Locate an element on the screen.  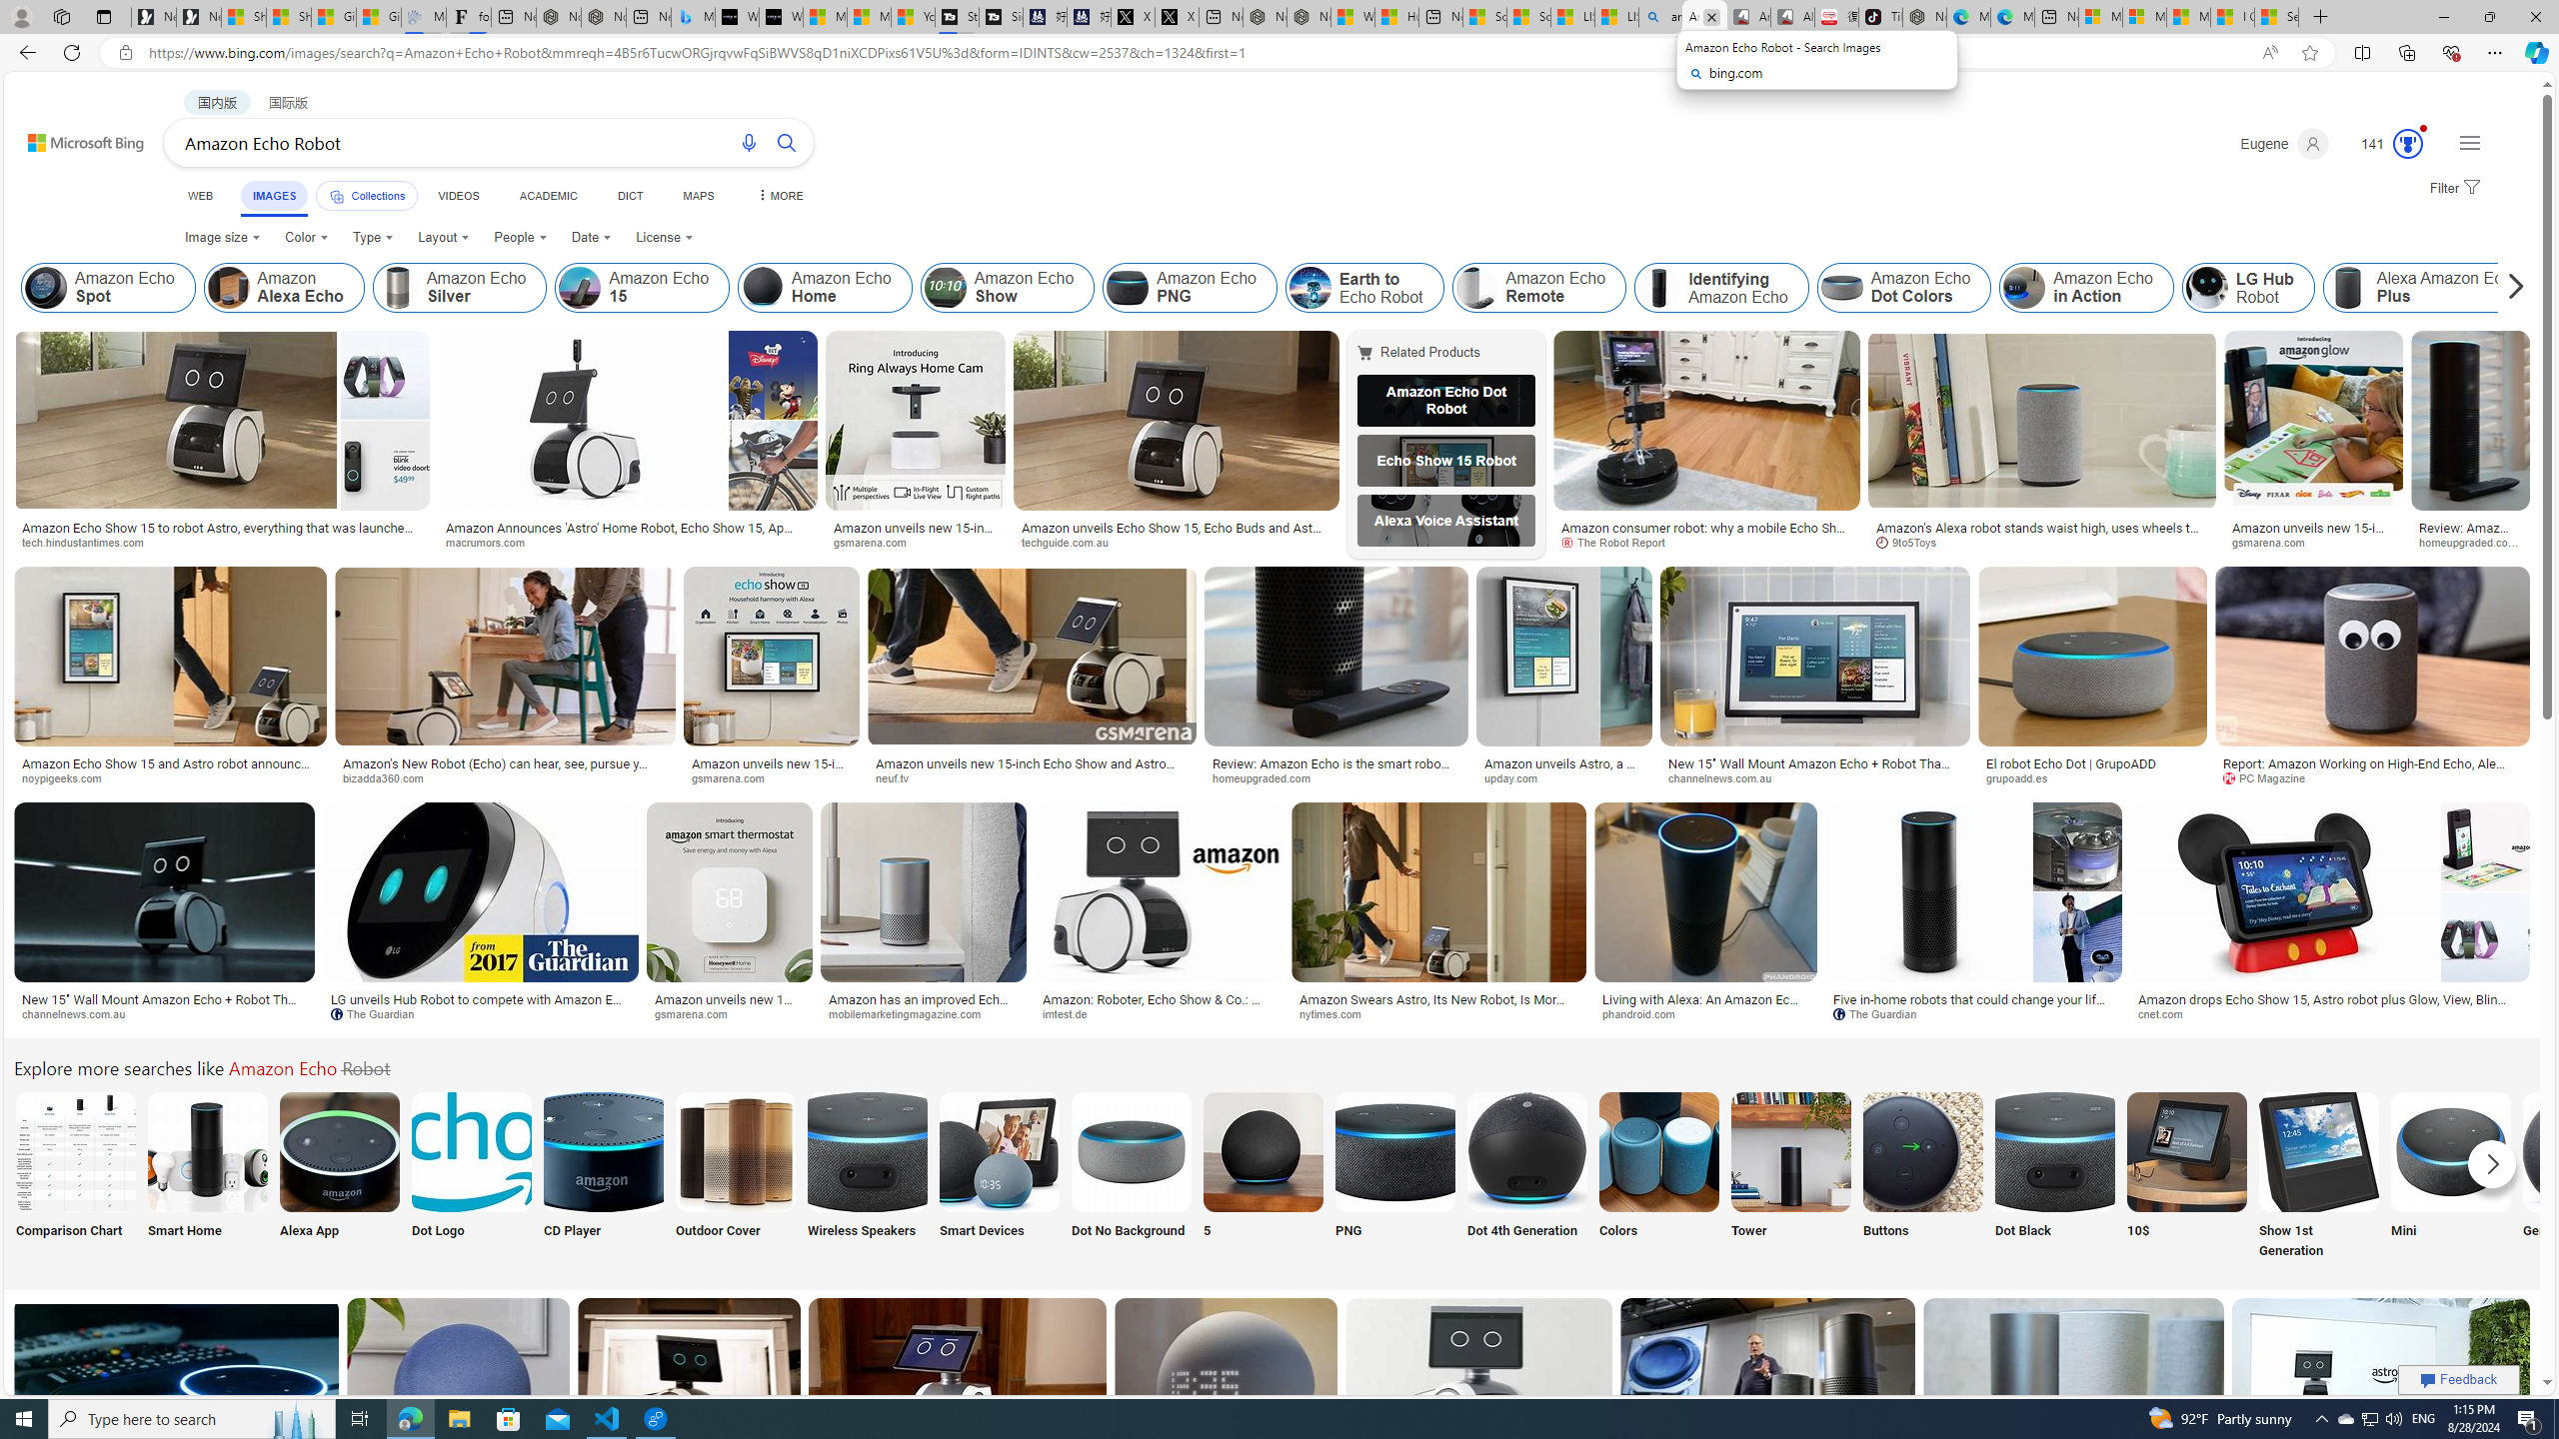
'CD Player' is located at coordinates (602, 1175).